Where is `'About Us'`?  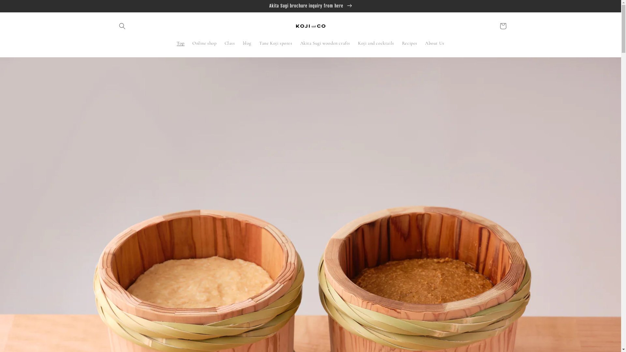 'About Us' is located at coordinates (435, 43).